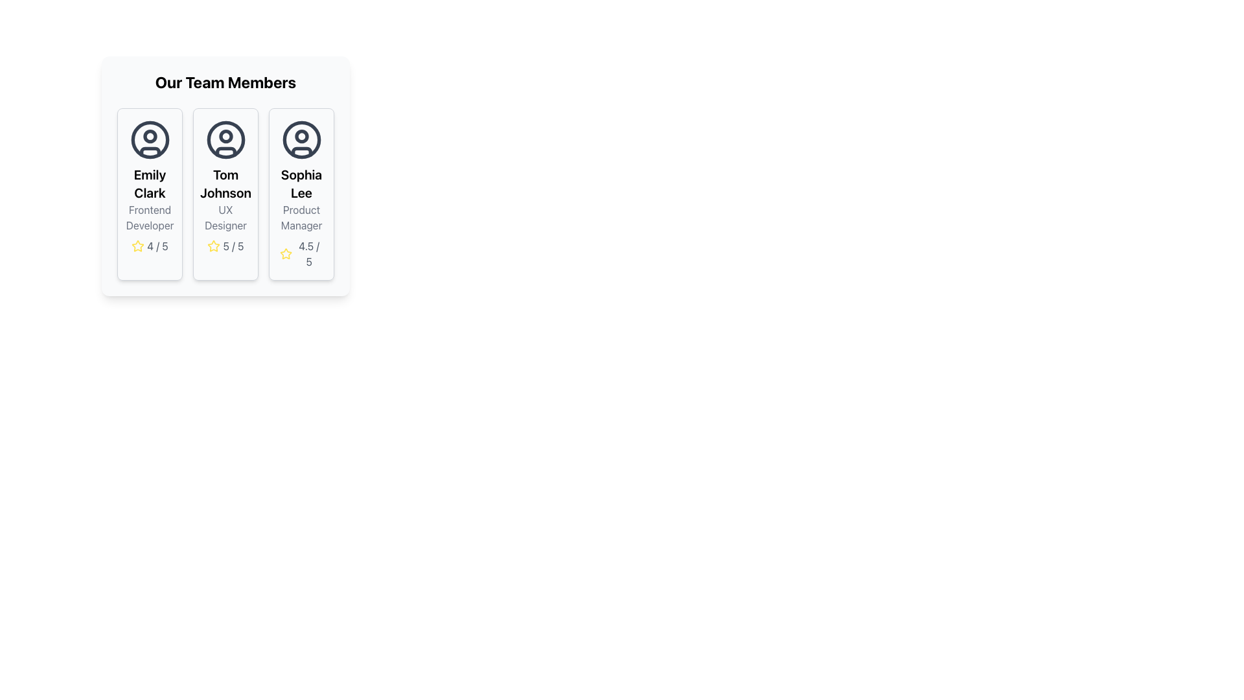  Describe the element at coordinates (150, 216) in the screenshot. I see `the static text element displaying 'Frontend Developer' located below 'Emily Clark' in the middle column of the interface` at that location.